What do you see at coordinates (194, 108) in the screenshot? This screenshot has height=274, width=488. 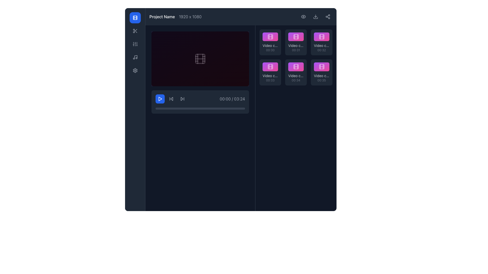 I see `the progress bar` at bounding box center [194, 108].